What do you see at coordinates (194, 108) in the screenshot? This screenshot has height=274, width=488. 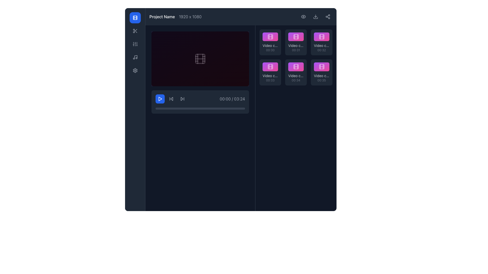 I see `the progress bar` at bounding box center [194, 108].